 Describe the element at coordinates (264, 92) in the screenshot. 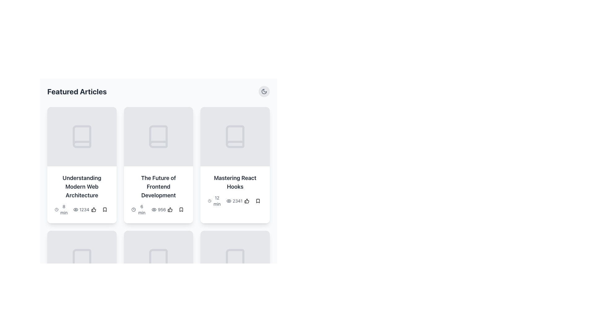

I see `the crescent moon icon button located at the top right corner of the interface` at that location.